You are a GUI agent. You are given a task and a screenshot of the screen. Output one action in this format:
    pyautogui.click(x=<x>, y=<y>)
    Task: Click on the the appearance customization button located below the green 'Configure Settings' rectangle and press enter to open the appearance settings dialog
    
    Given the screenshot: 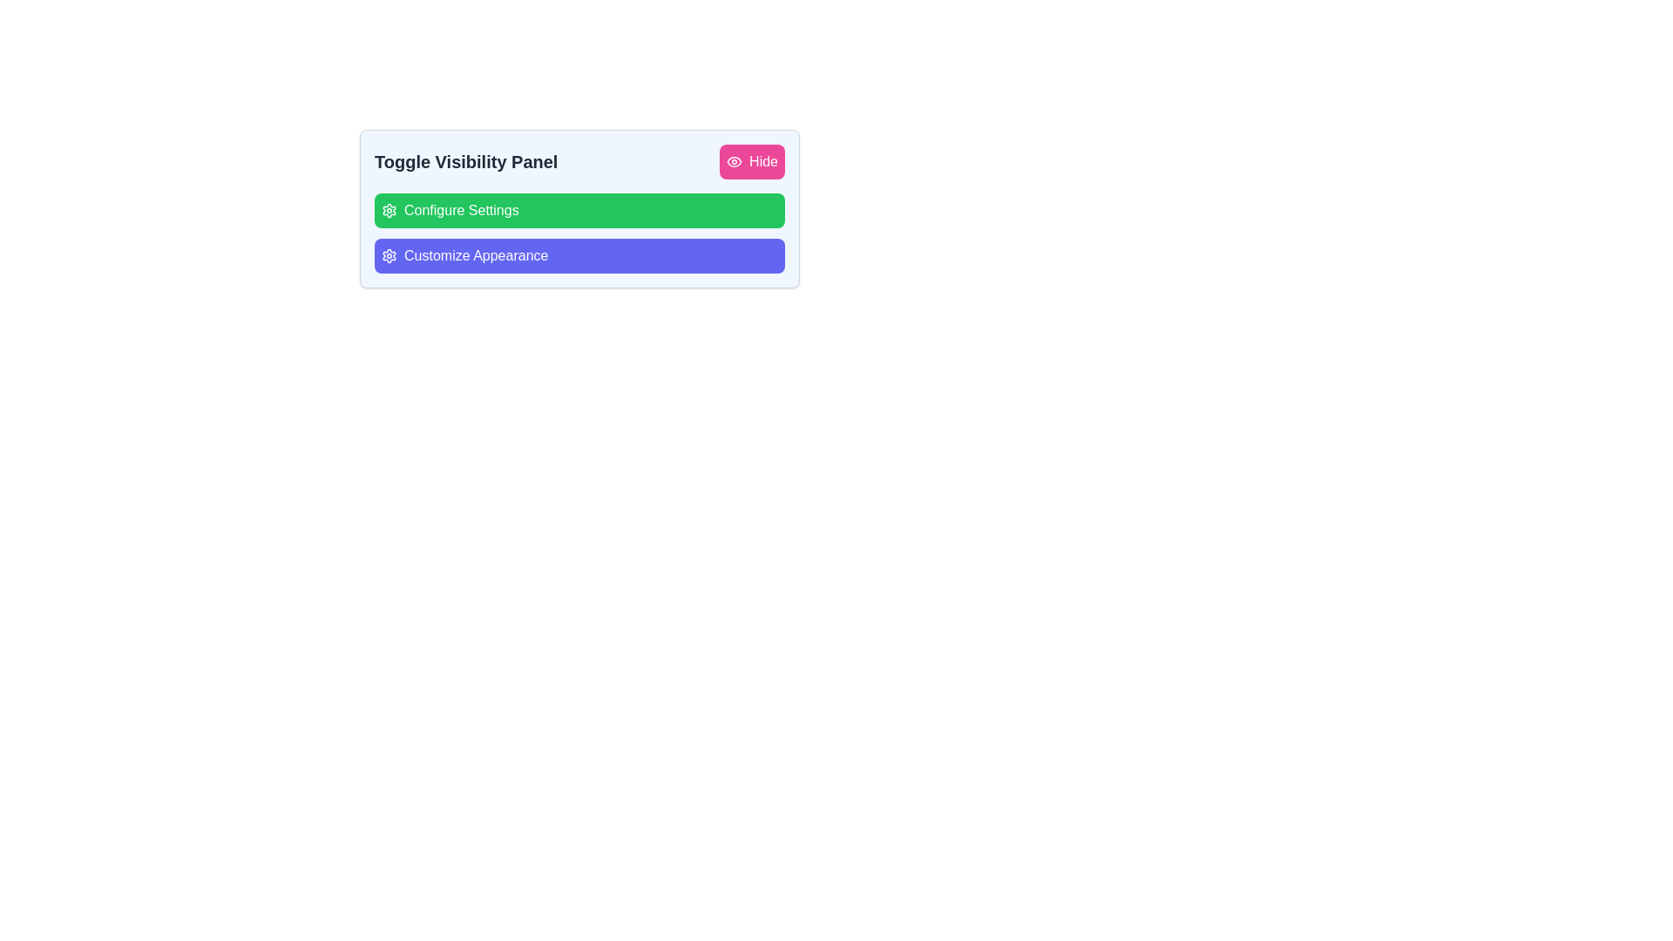 What is the action you would take?
    pyautogui.click(x=464, y=255)
    